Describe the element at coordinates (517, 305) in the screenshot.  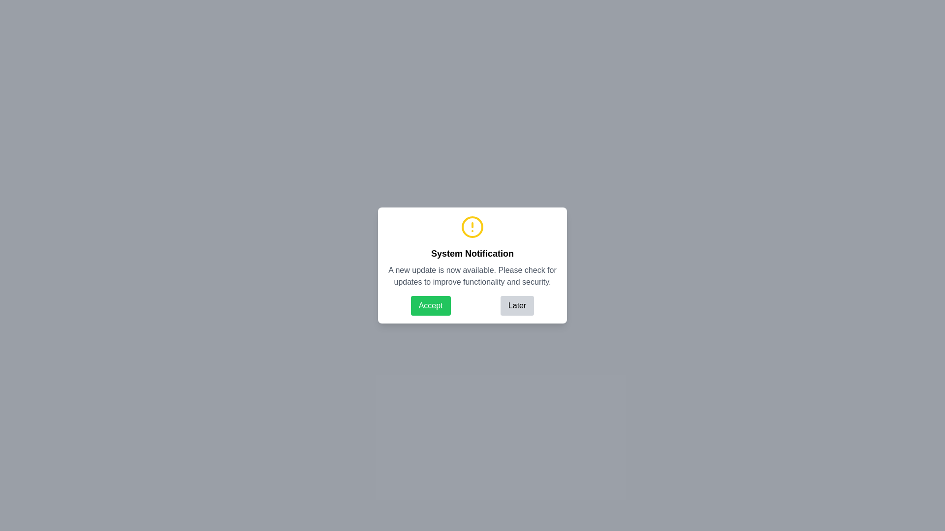
I see `the 'Later' button, which is a rounded rectangular button with a gray background and black text, located on the bottom right of the modal dialog` at that location.